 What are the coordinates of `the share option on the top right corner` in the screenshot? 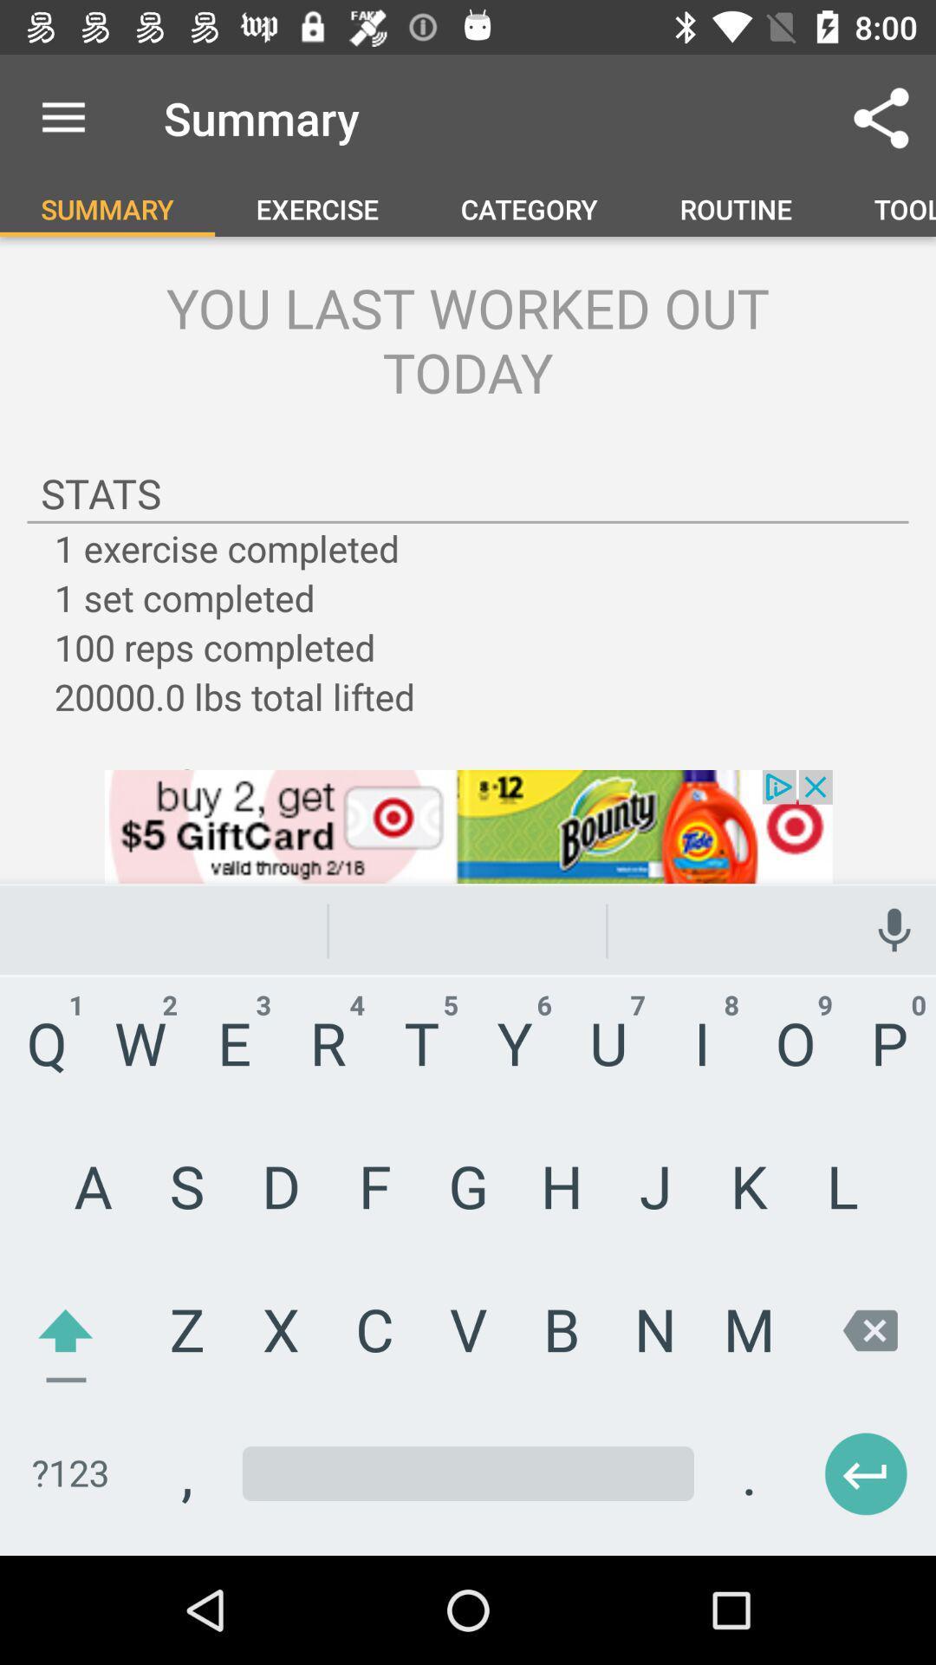 It's located at (881, 118).